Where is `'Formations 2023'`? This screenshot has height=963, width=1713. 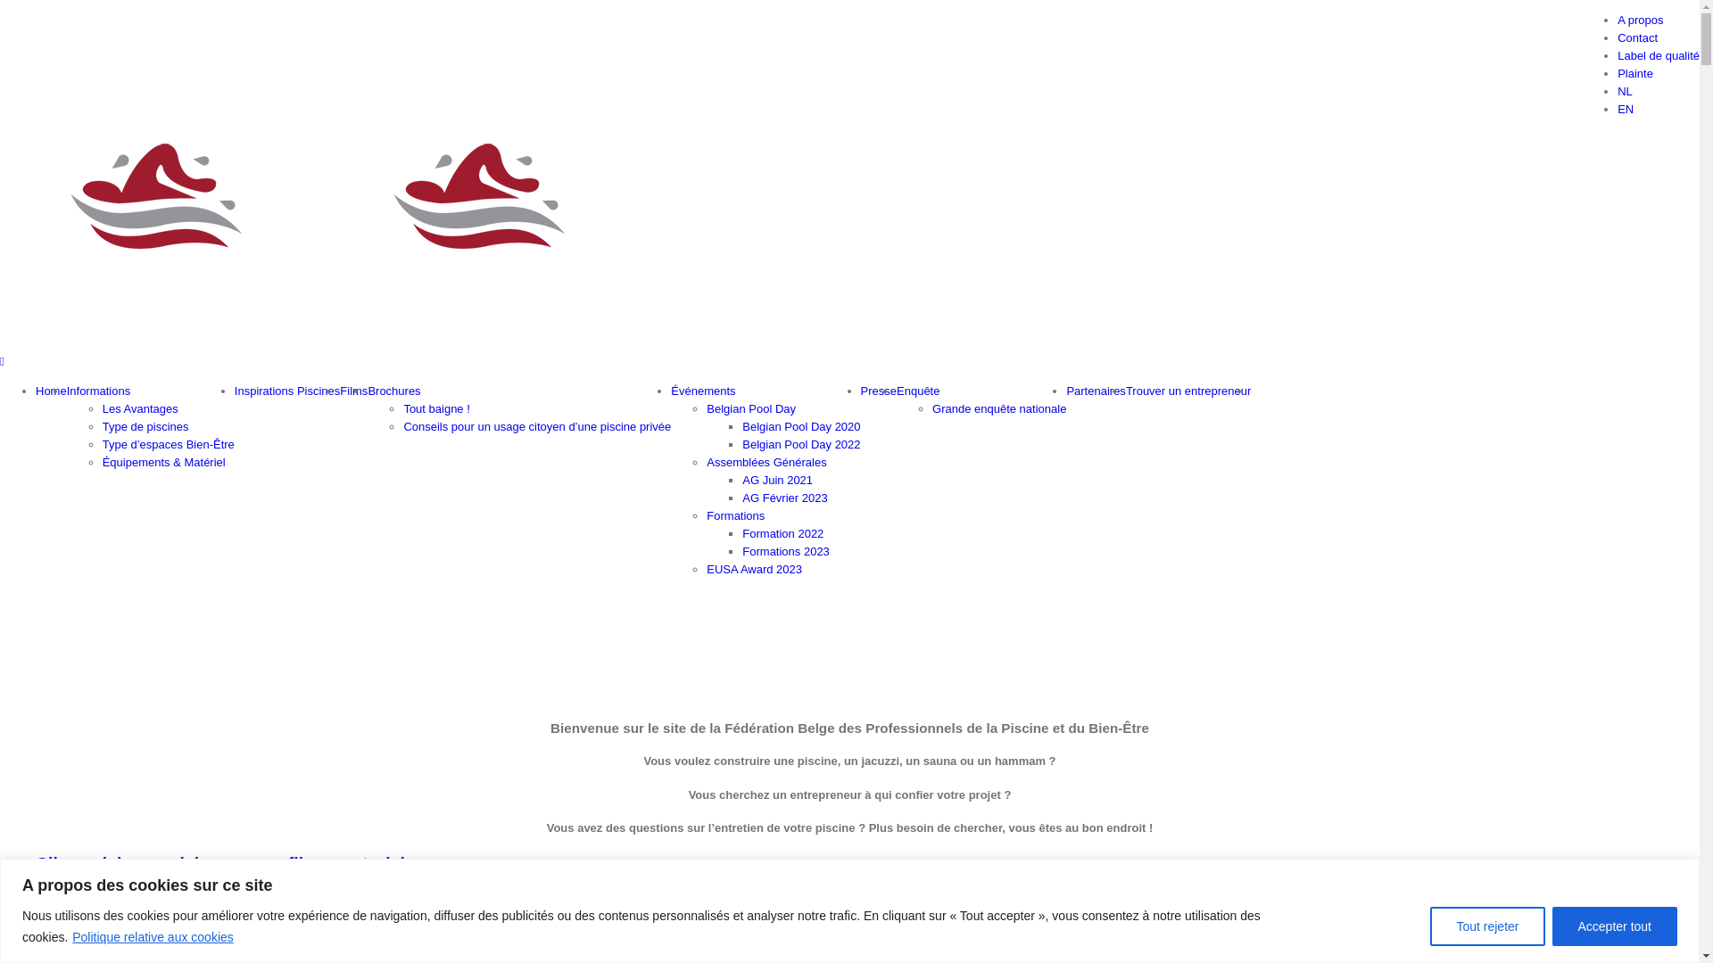 'Formations 2023' is located at coordinates (785, 550).